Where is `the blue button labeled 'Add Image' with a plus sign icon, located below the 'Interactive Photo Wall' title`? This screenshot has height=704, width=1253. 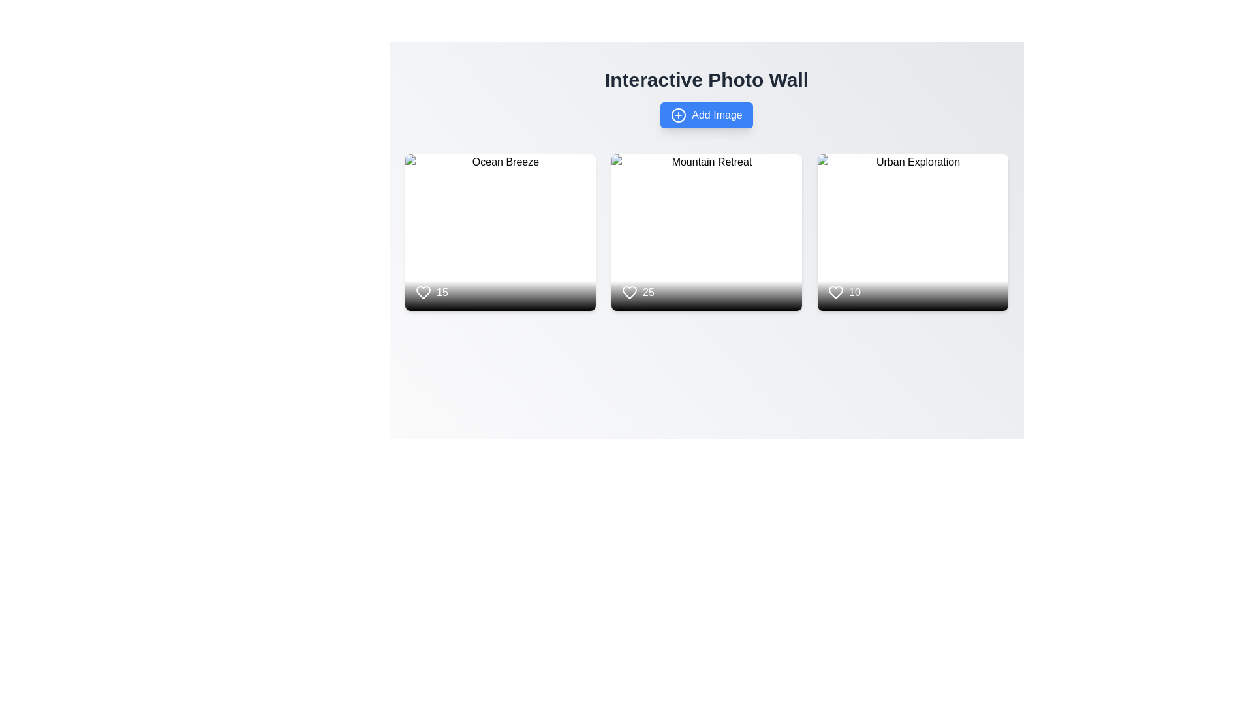 the blue button labeled 'Add Image' with a plus sign icon, located below the 'Interactive Photo Wall' title is located at coordinates (706, 115).